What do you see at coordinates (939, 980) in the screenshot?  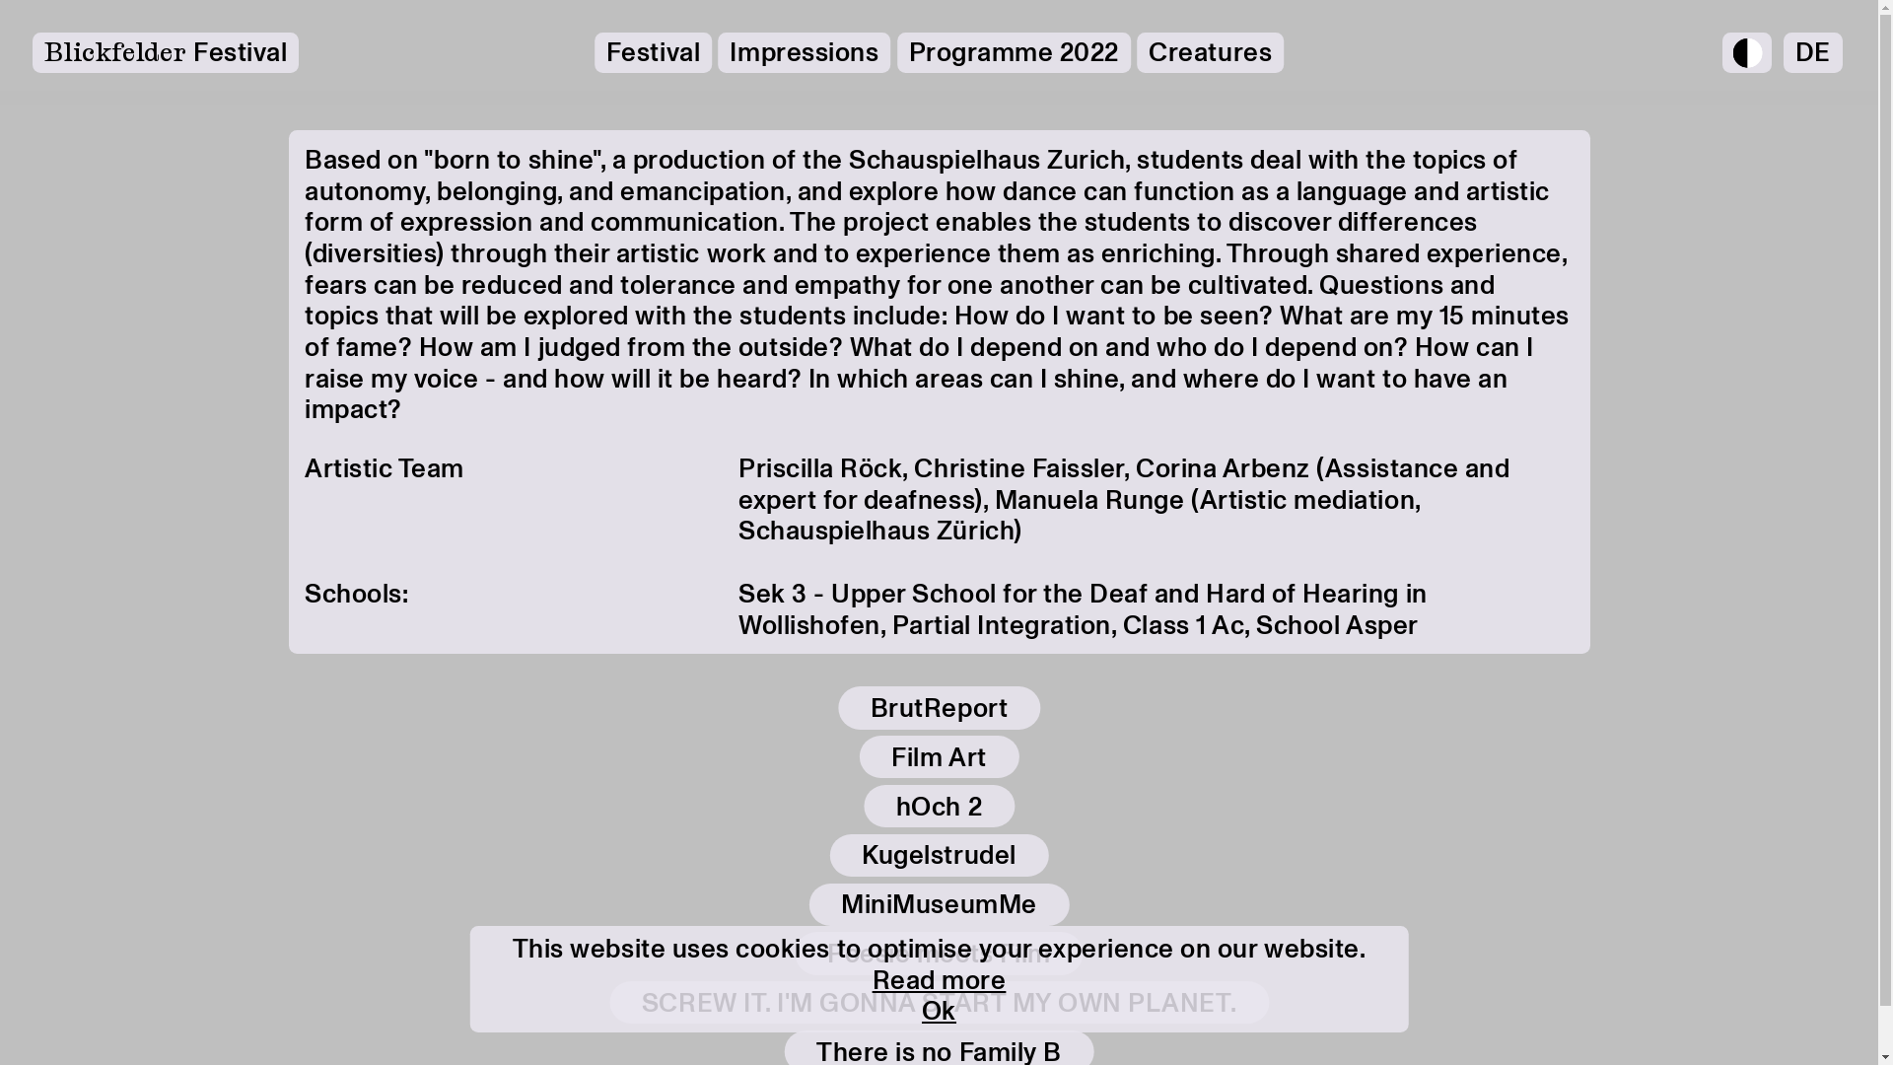 I see `'Read more'` at bounding box center [939, 980].